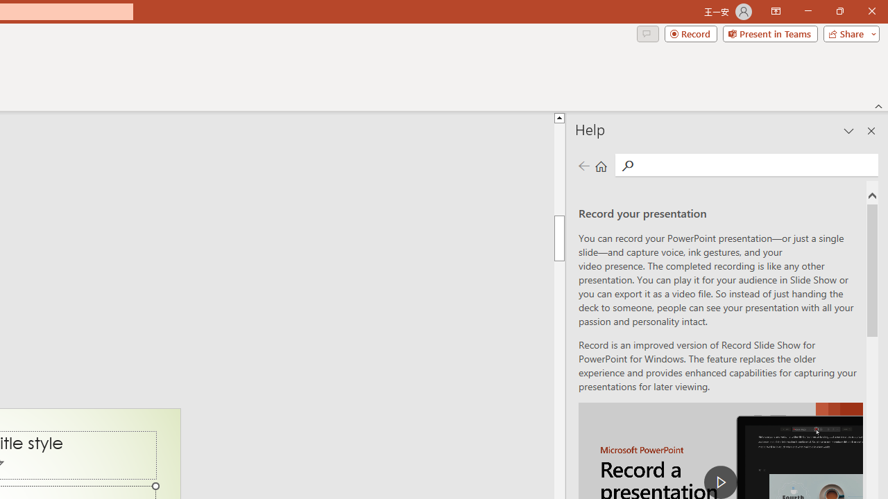 The height and width of the screenshot is (499, 888). Describe the element at coordinates (626, 165) in the screenshot. I see `'Search'` at that location.